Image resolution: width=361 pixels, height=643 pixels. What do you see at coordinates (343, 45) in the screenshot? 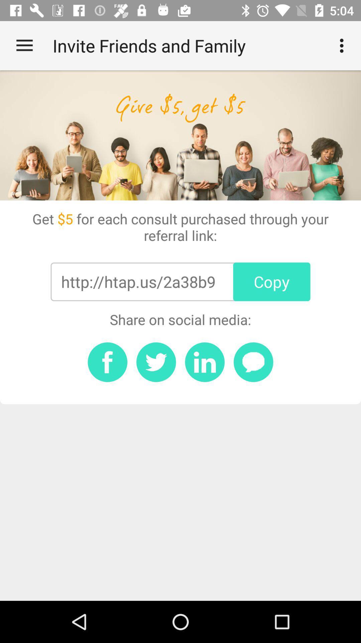
I see `the item at the top right corner` at bounding box center [343, 45].